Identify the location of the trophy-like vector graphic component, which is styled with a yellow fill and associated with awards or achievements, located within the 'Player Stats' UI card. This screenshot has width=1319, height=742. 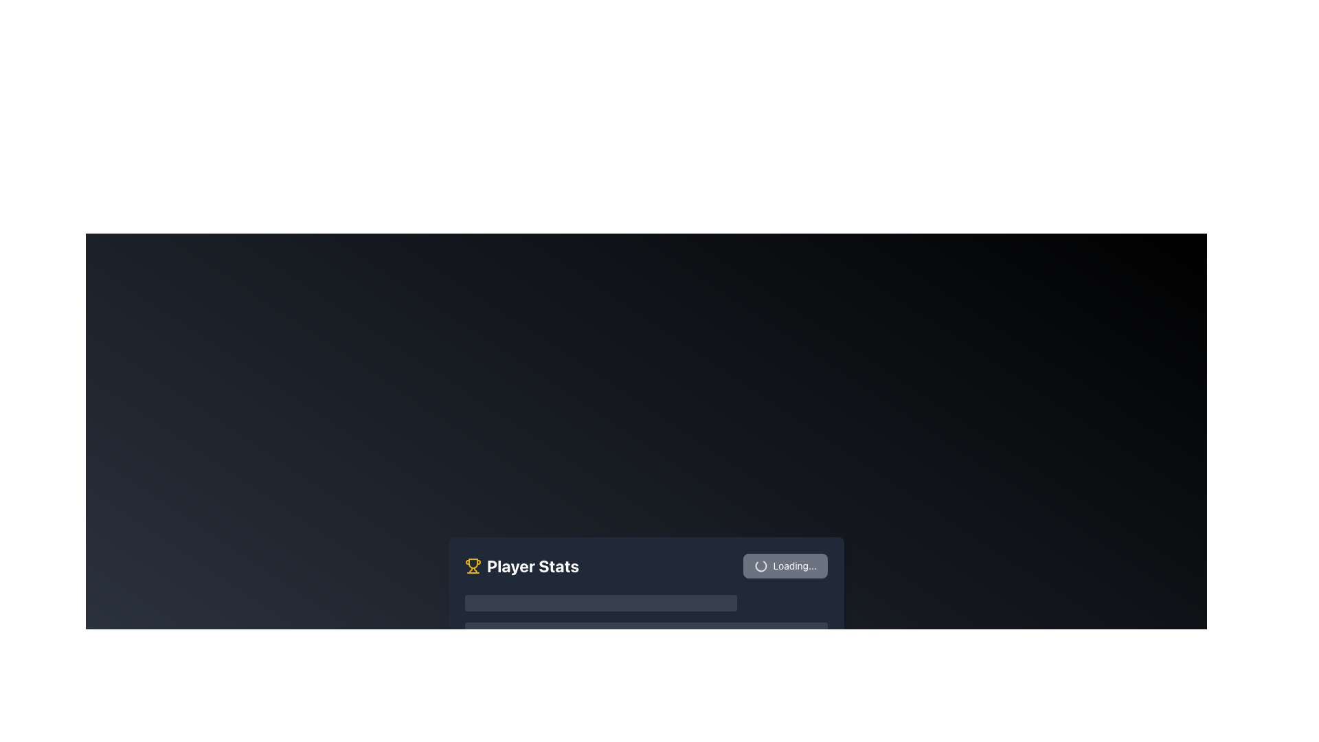
(473, 563).